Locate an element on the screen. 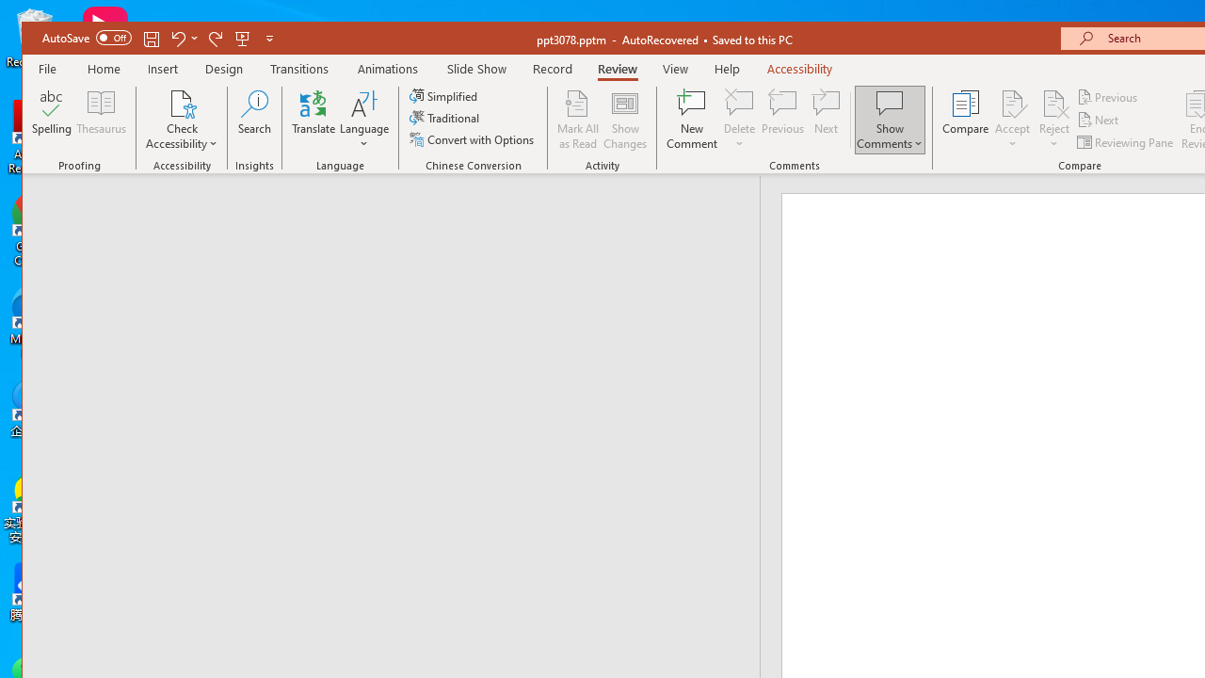 Image resolution: width=1205 pixels, height=678 pixels. 'Previous' is located at coordinates (1108, 97).